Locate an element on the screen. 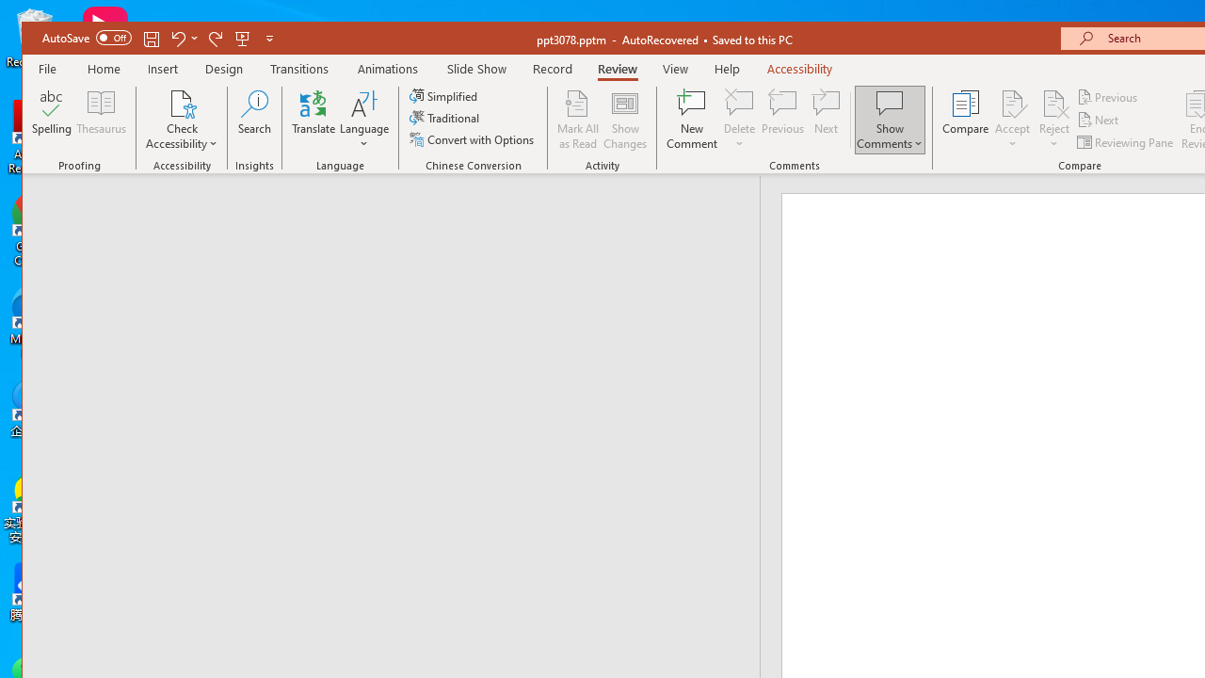 Image resolution: width=1205 pixels, height=678 pixels. 'Previous' is located at coordinates (1108, 97).